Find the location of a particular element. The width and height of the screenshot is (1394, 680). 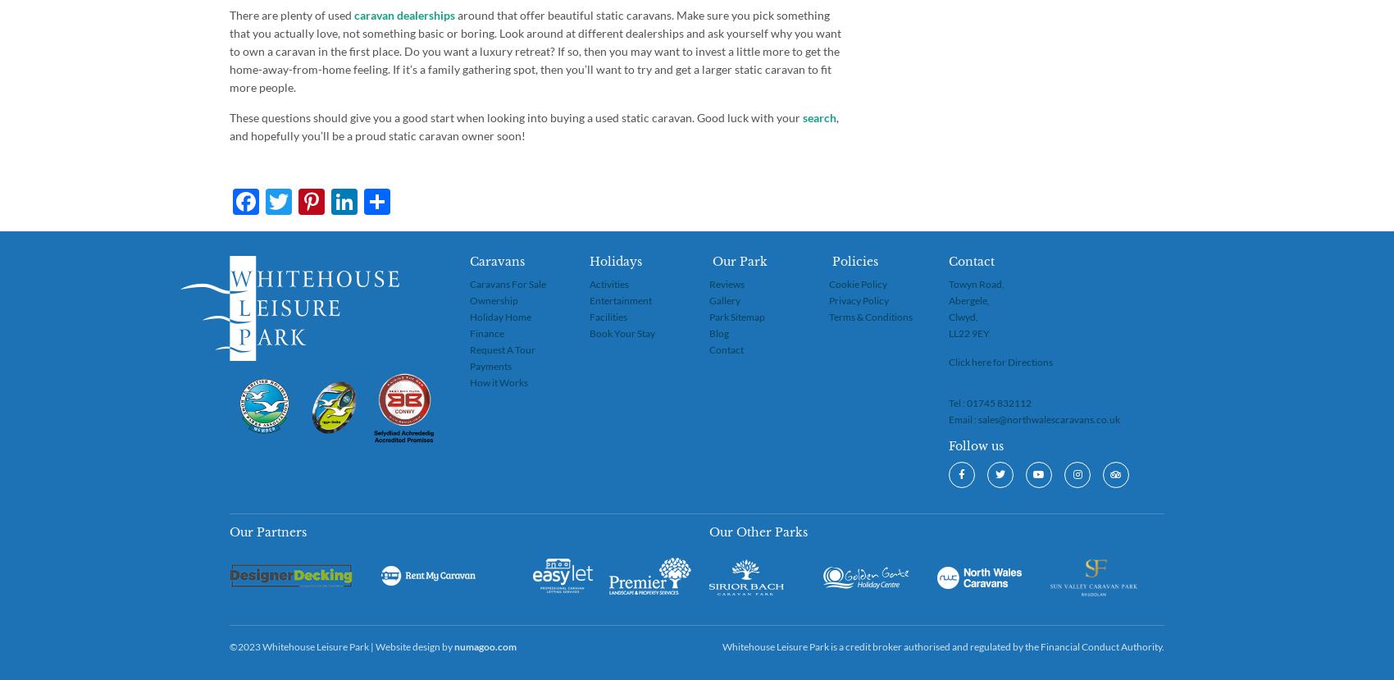

', and hopefully you’ll be a proud static caravan owner soon!' is located at coordinates (534, 126).